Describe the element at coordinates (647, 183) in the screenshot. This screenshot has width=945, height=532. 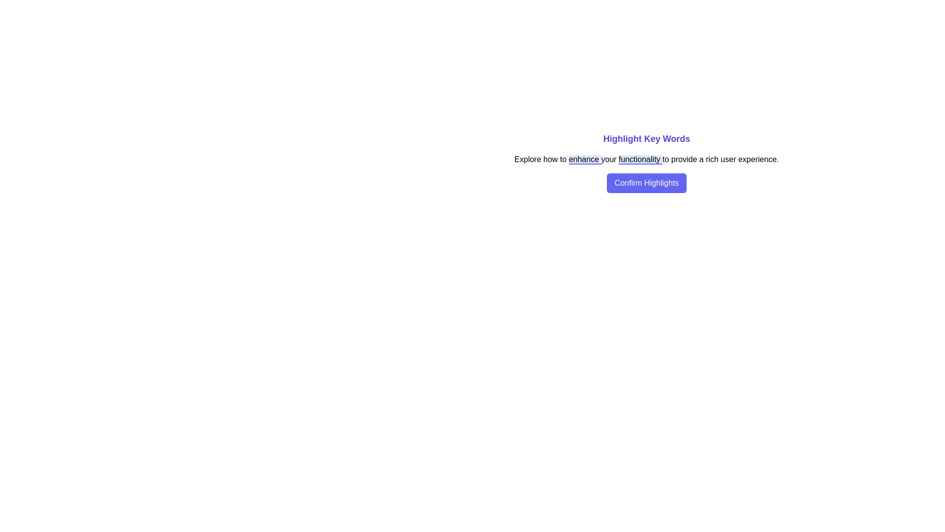
I see `the confirm button related` at that location.